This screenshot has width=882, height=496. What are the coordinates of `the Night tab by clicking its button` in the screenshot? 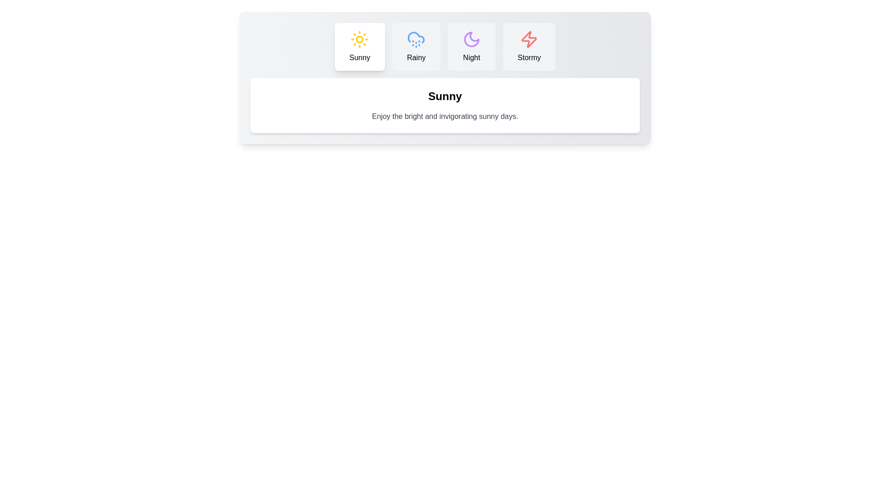 It's located at (471, 46).